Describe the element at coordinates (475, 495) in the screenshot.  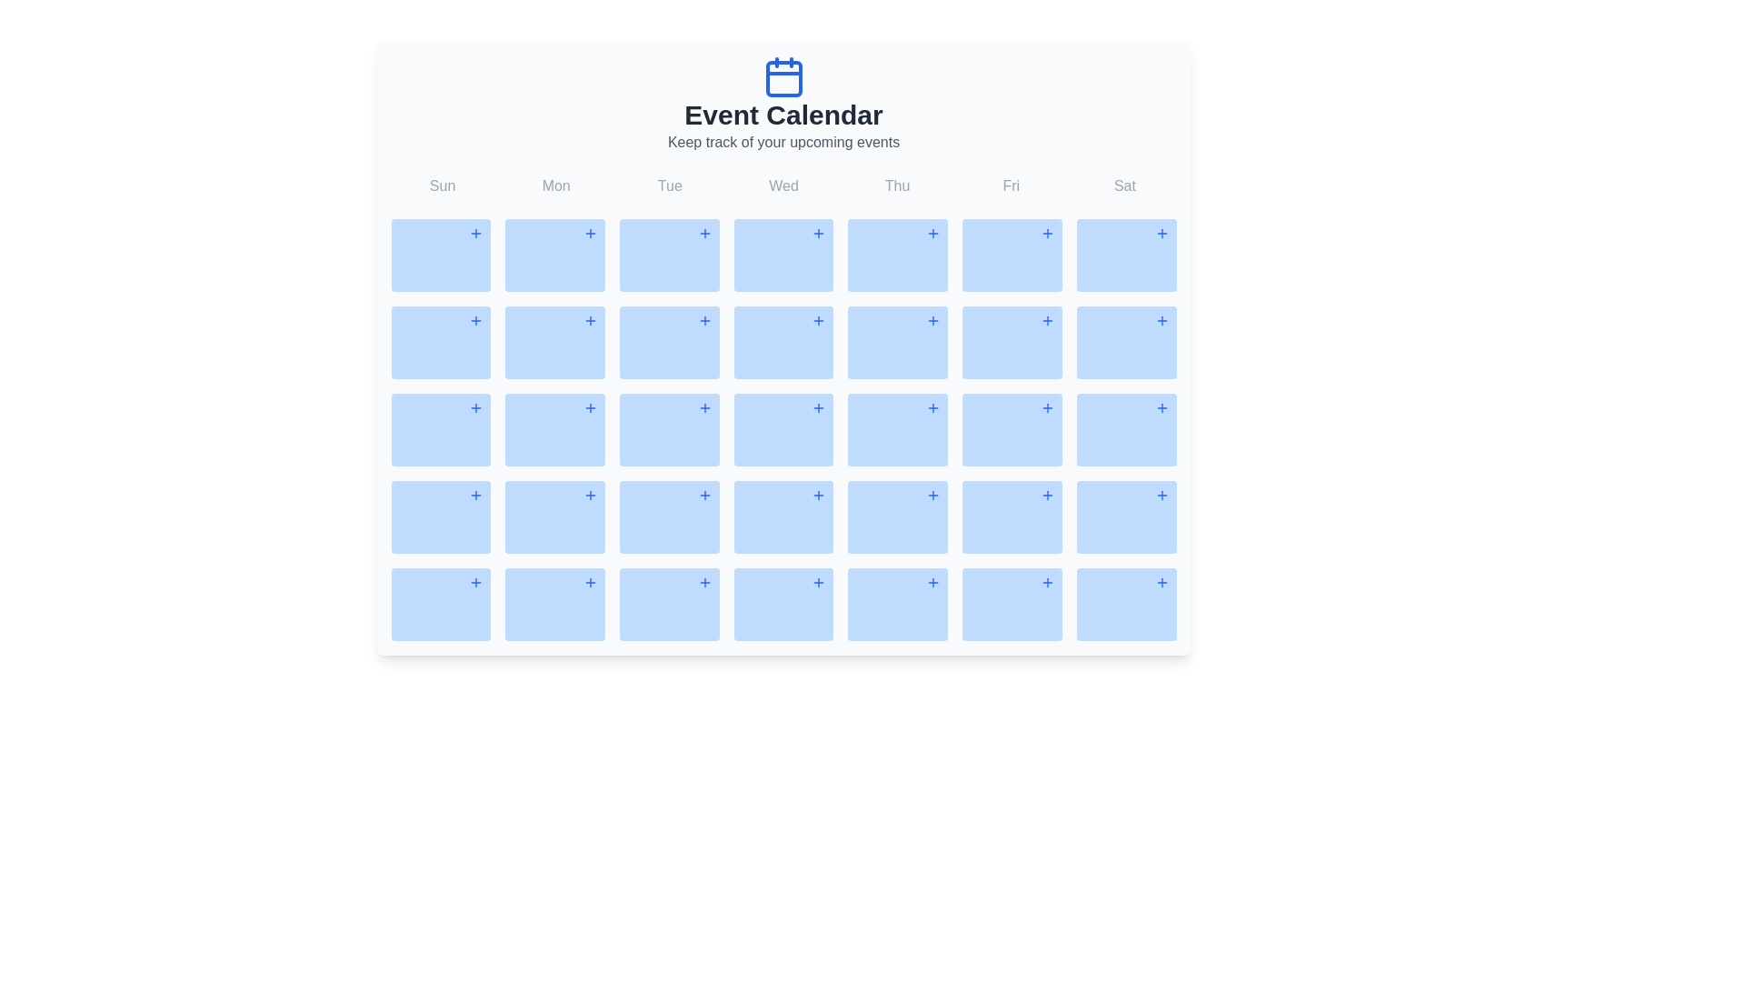
I see `the icon button located at the top-right corner of the fourth row, first column of the calendar grid` at that location.